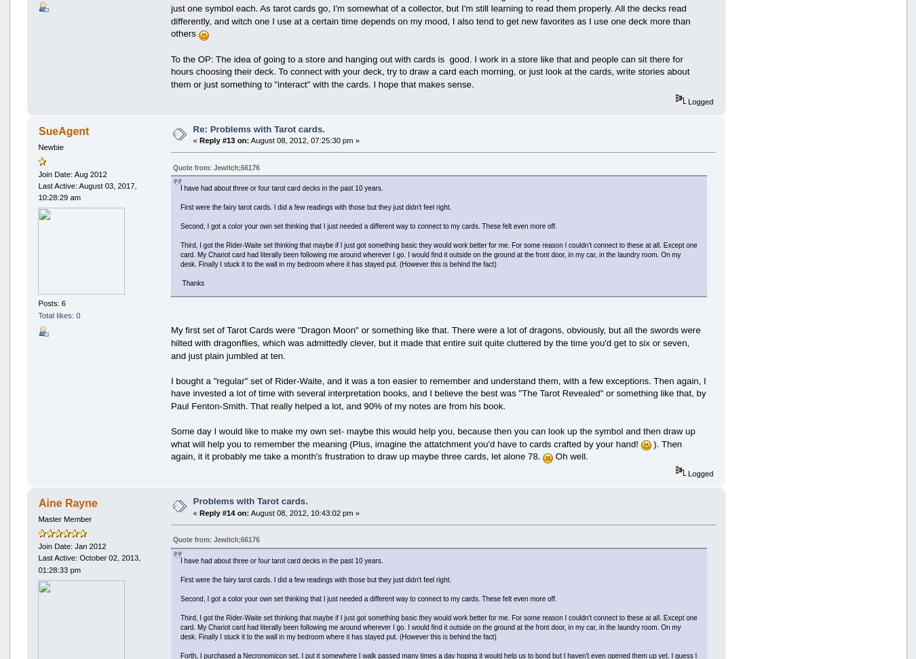 The image size is (916, 659). What do you see at coordinates (169, 70) in the screenshot?
I see `'To the OP: The idea of going to a store and hanging out with cards is  good. I work in a store like that and people can sit there for hours choosing their deck. To connect with your deck, try to draw a card each morning, or just look at the cards, write stories about them or just something to "interact" with the cards. I hope that makes sense.'` at bounding box center [169, 70].